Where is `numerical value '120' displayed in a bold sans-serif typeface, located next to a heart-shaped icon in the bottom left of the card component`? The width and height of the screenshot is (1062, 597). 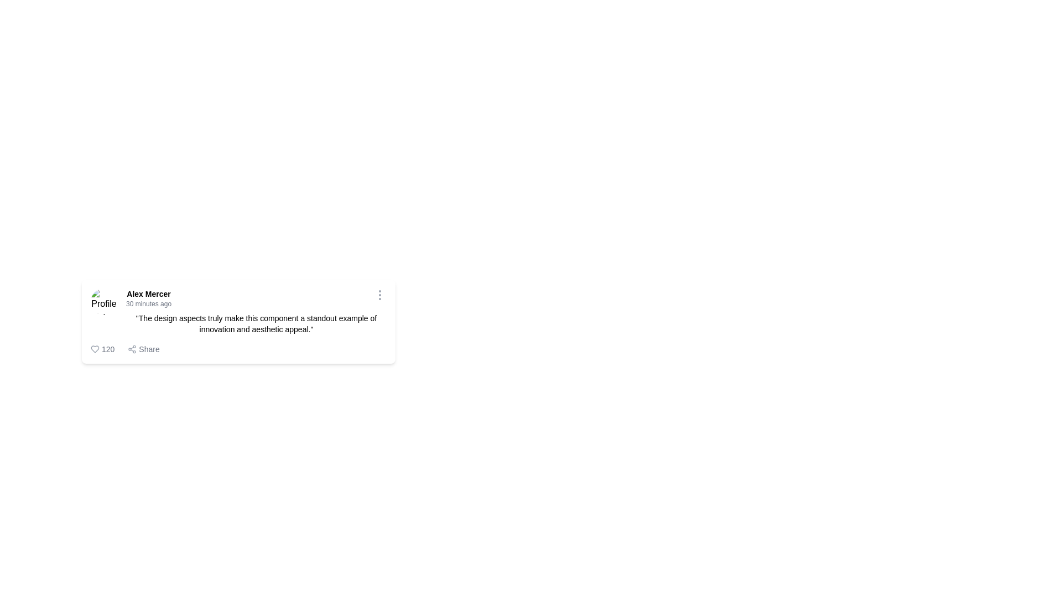 numerical value '120' displayed in a bold sans-serif typeface, located next to a heart-shaped icon in the bottom left of the card component is located at coordinates (108, 349).